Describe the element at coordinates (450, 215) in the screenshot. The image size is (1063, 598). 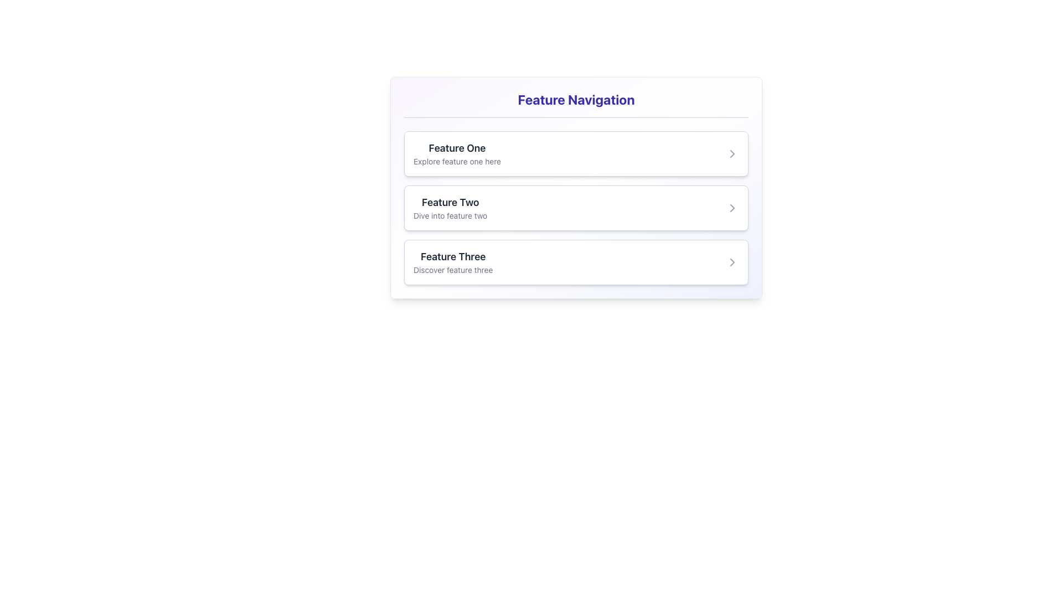
I see `the descriptive subtitle text label located beneath the 'Feature Two' title and above the horizontal line divider` at that location.